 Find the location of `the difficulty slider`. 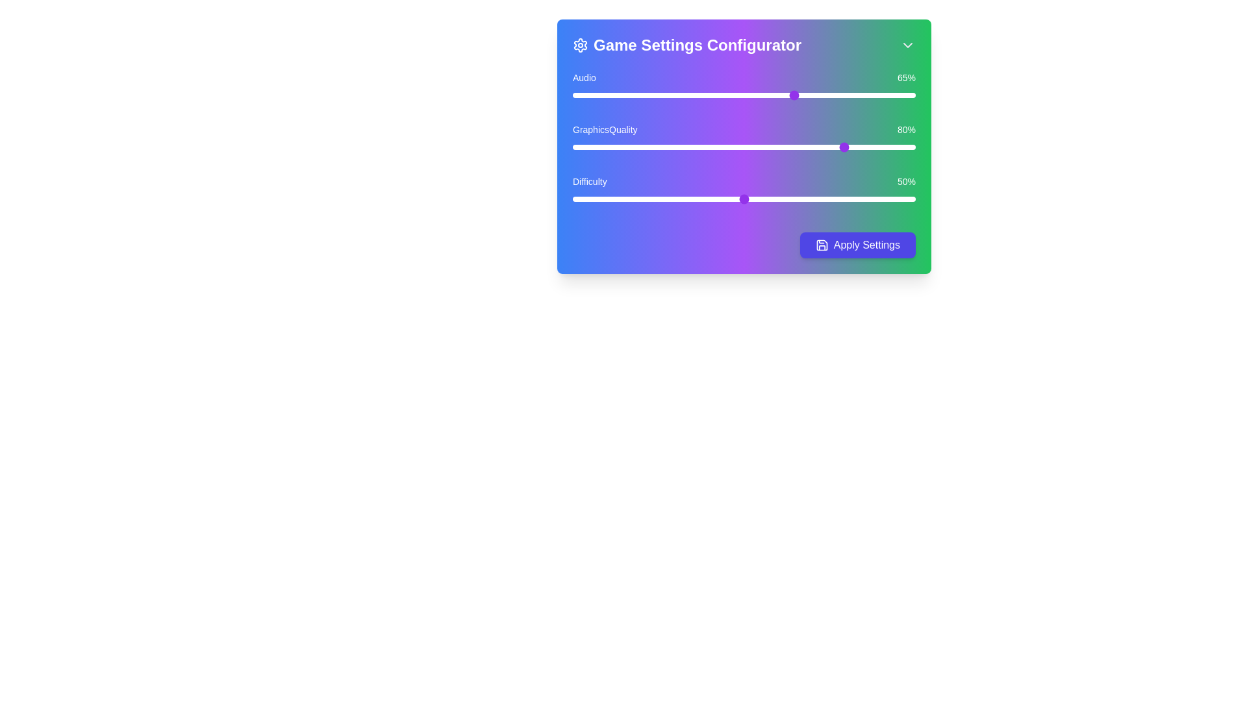

the difficulty slider is located at coordinates (638, 199).